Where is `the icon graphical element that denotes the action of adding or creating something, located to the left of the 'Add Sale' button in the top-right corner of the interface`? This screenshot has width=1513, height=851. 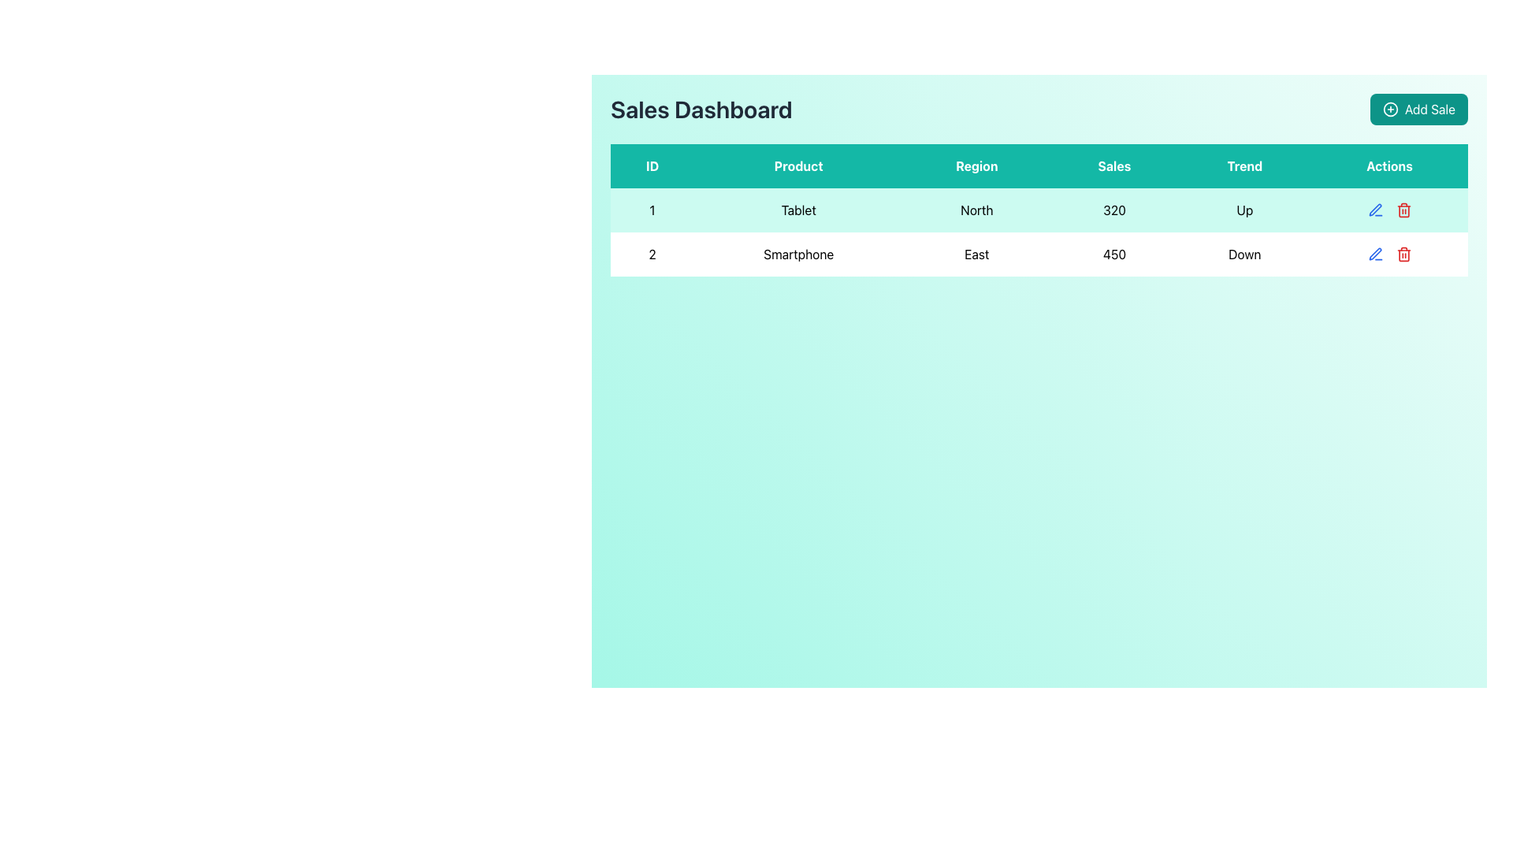
the icon graphical element that denotes the action of adding or creating something, located to the left of the 'Add Sale' button in the top-right corner of the interface is located at coordinates (1390, 108).